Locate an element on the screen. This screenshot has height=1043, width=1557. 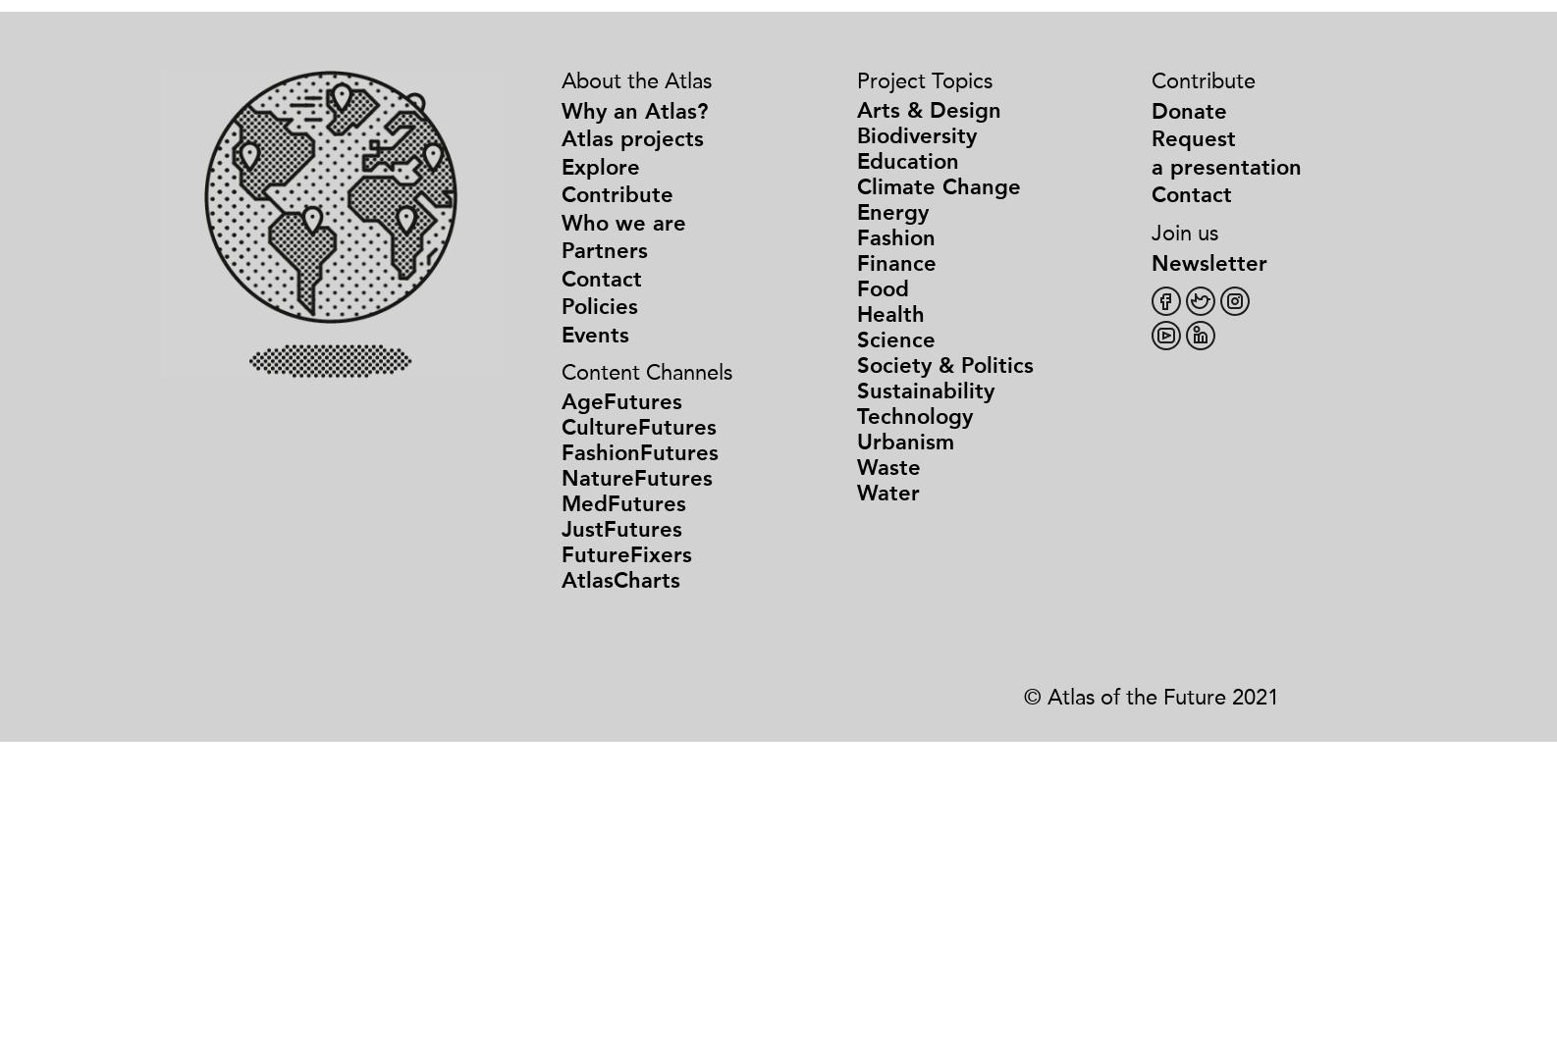
'AgeFutures' is located at coordinates (620, 401).